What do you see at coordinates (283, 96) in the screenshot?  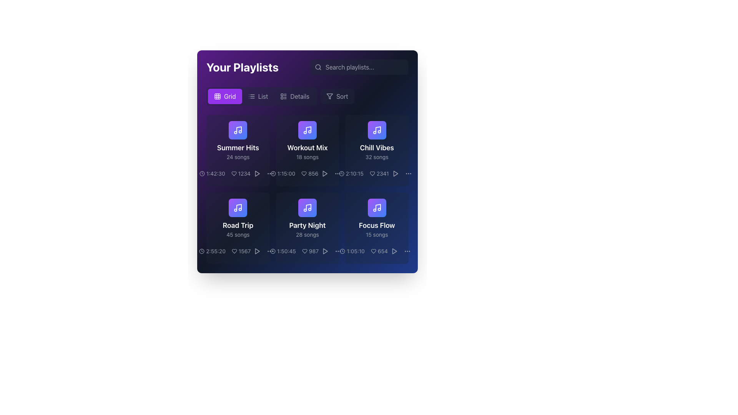 I see `the SVG Image Icon that represents a list layout, located to the right of the 'Grid' icon and the title 'List', which is part of the 'Details' button in the top section of the interface` at bounding box center [283, 96].